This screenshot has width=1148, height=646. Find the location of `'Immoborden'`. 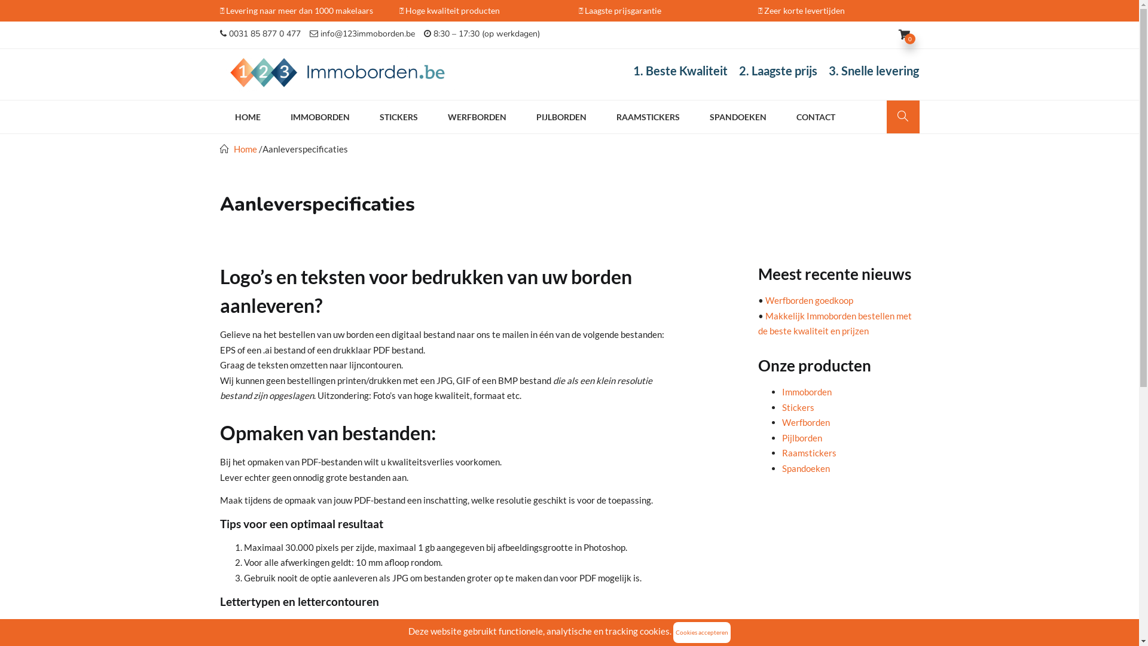

'Immoborden' is located at coordinates (807, 392).